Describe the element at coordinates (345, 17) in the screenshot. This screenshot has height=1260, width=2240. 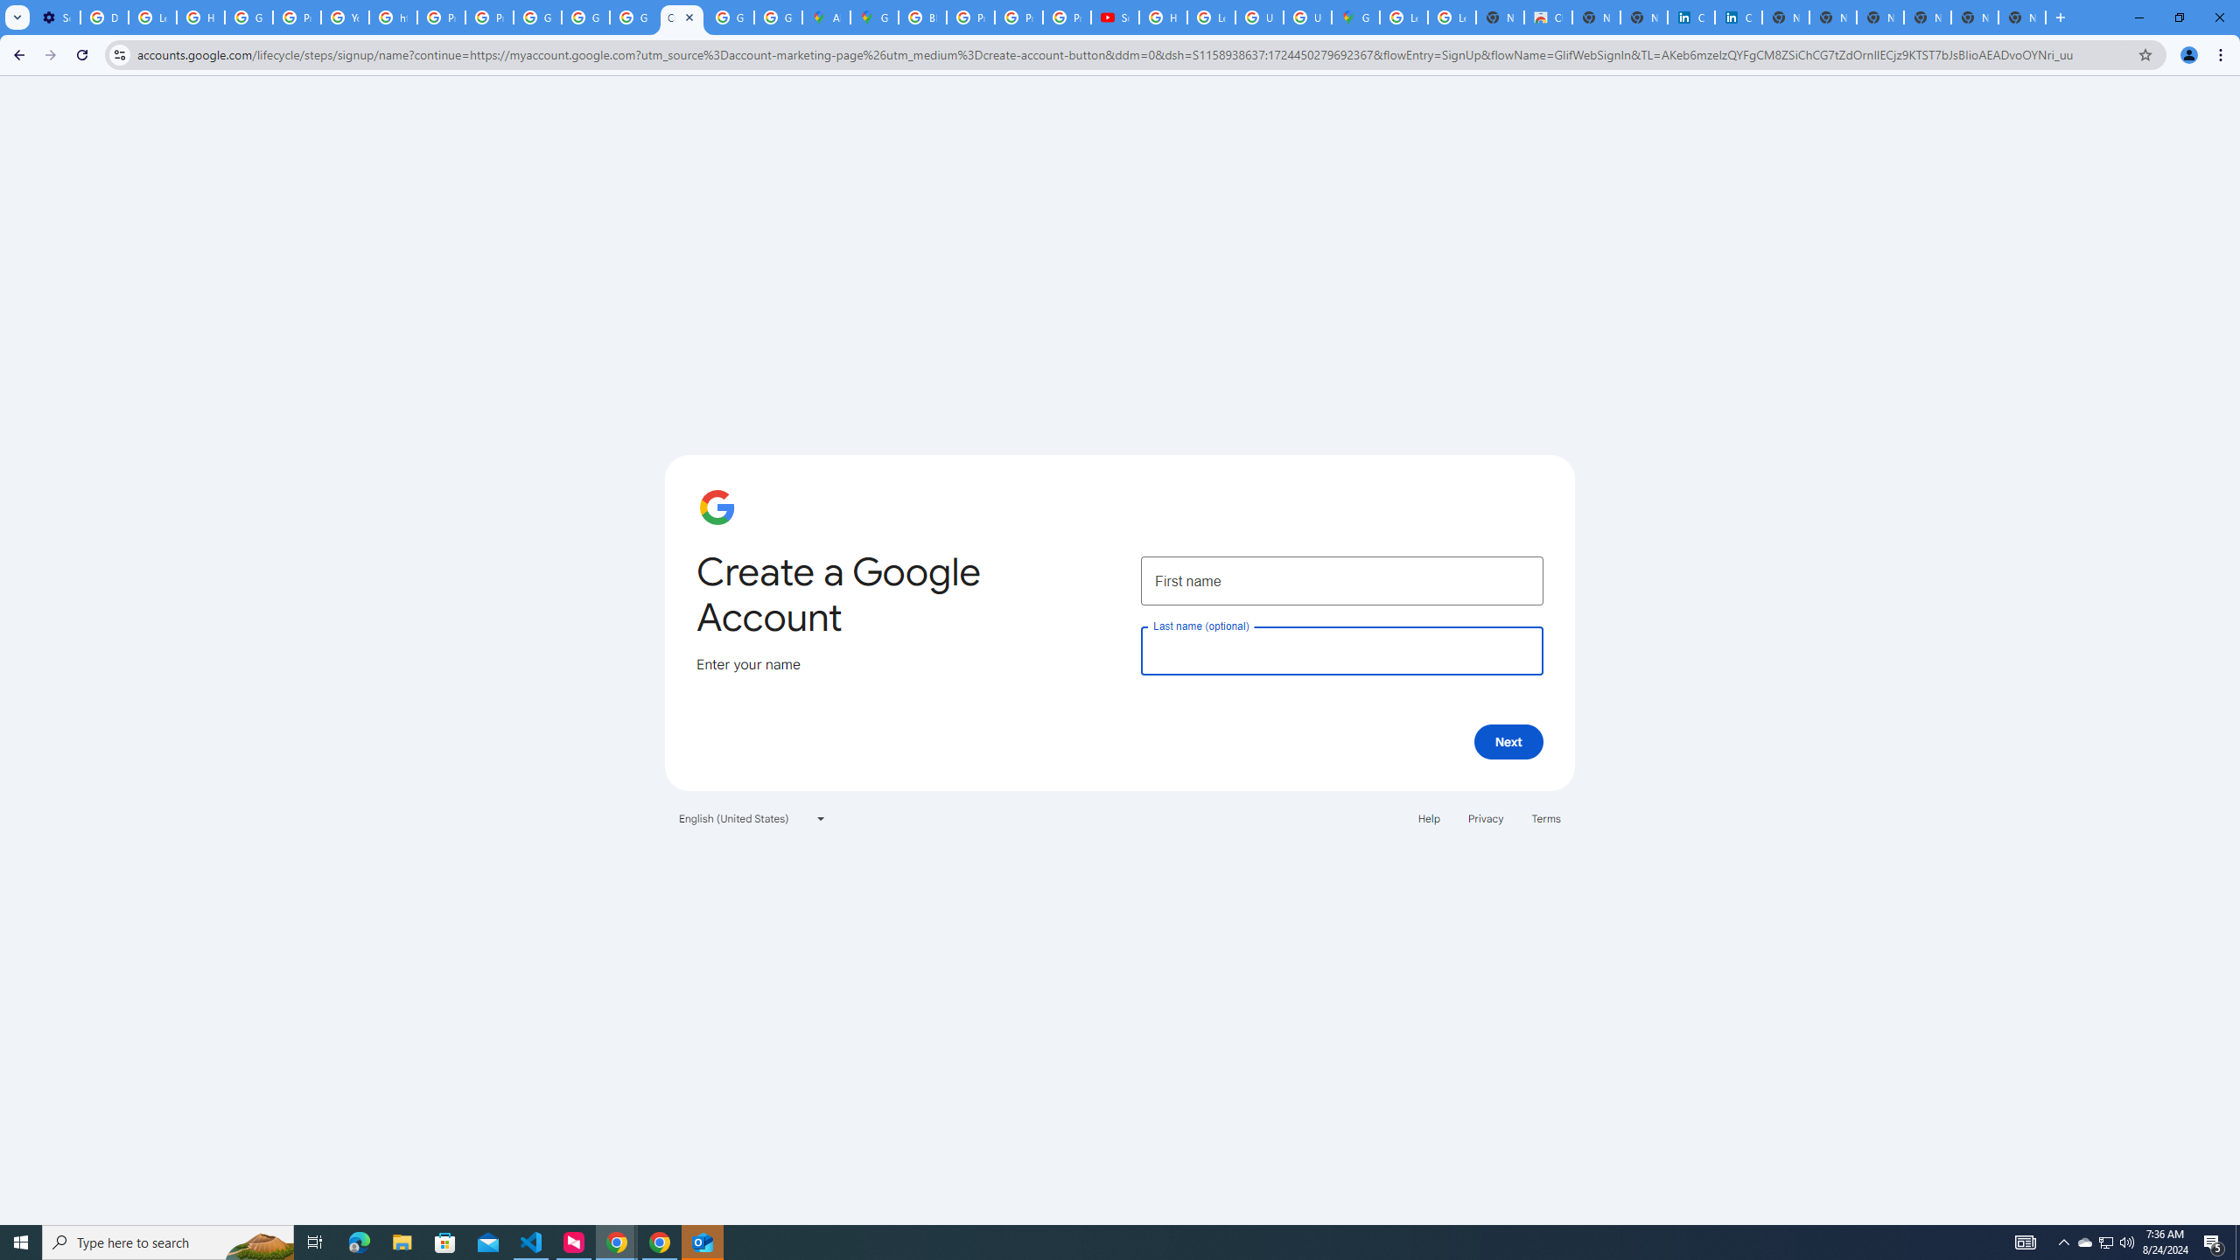
I see `'YouTube'` at that location.